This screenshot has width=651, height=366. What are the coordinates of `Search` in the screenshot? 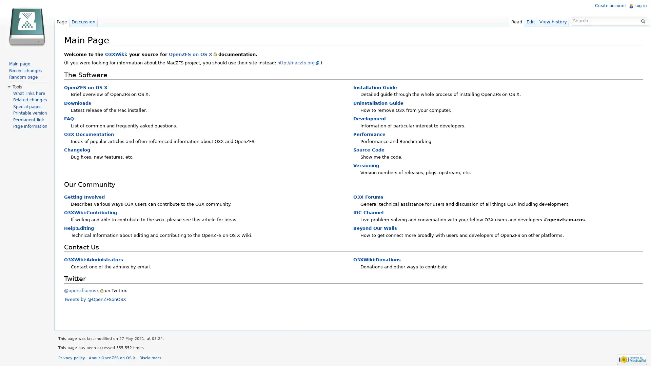 It's located at (641, 20).